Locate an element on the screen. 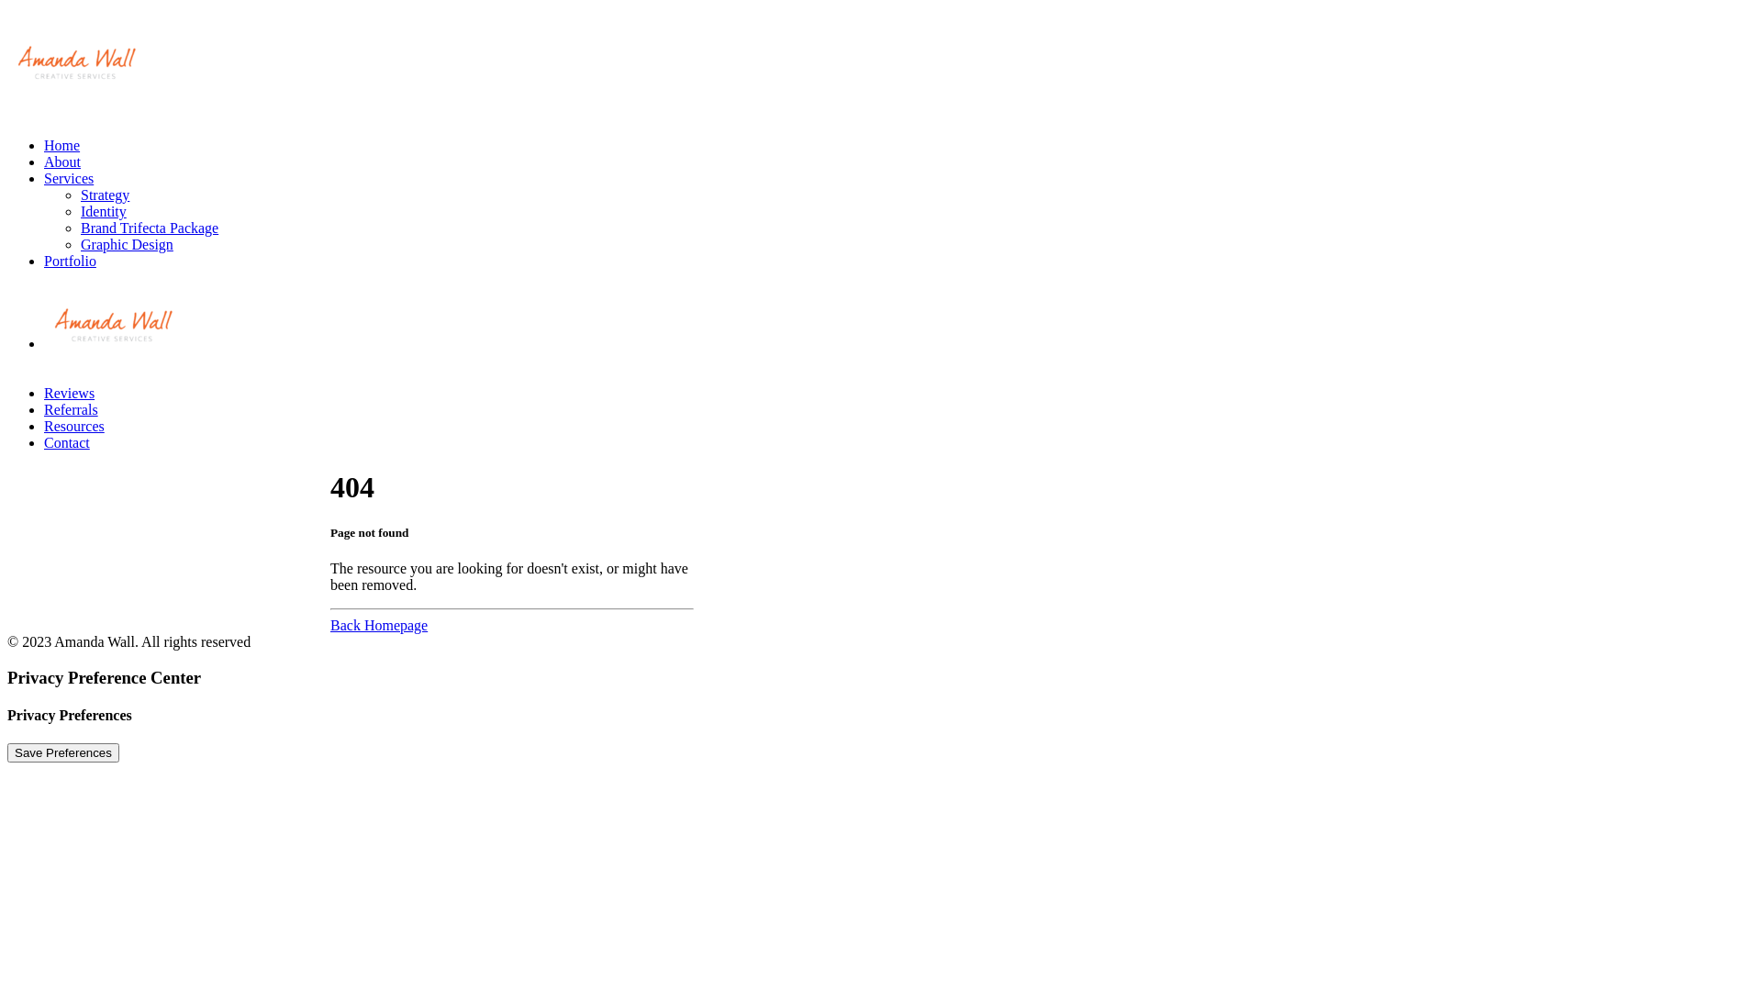 This screenshot has height=991, width=1762. 'Reviews' is located at coordinates (69, 392).